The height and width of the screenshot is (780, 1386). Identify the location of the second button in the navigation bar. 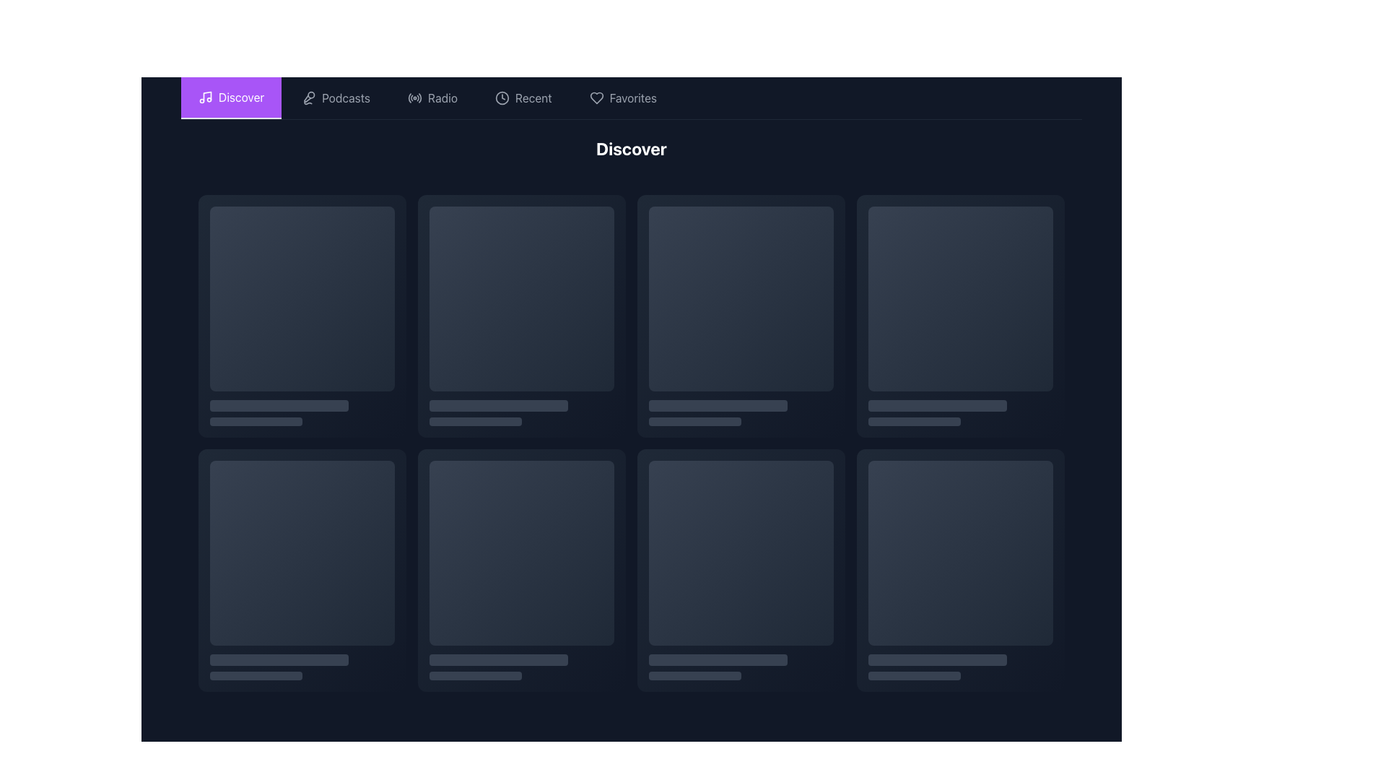
(335, 97).